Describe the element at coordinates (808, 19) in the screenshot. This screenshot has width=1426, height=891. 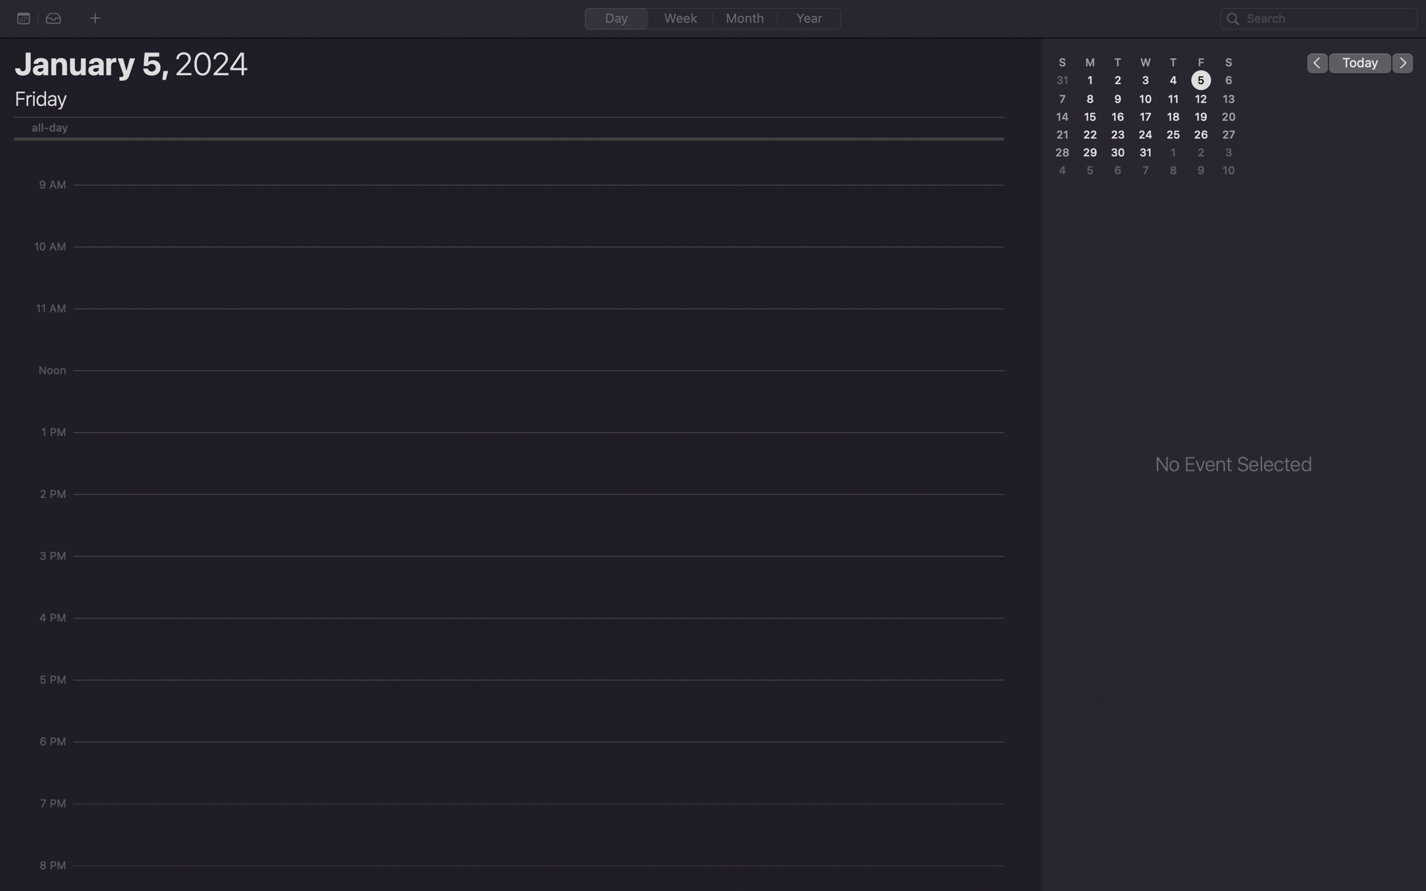
I see `the year view on the calendar` at that location.